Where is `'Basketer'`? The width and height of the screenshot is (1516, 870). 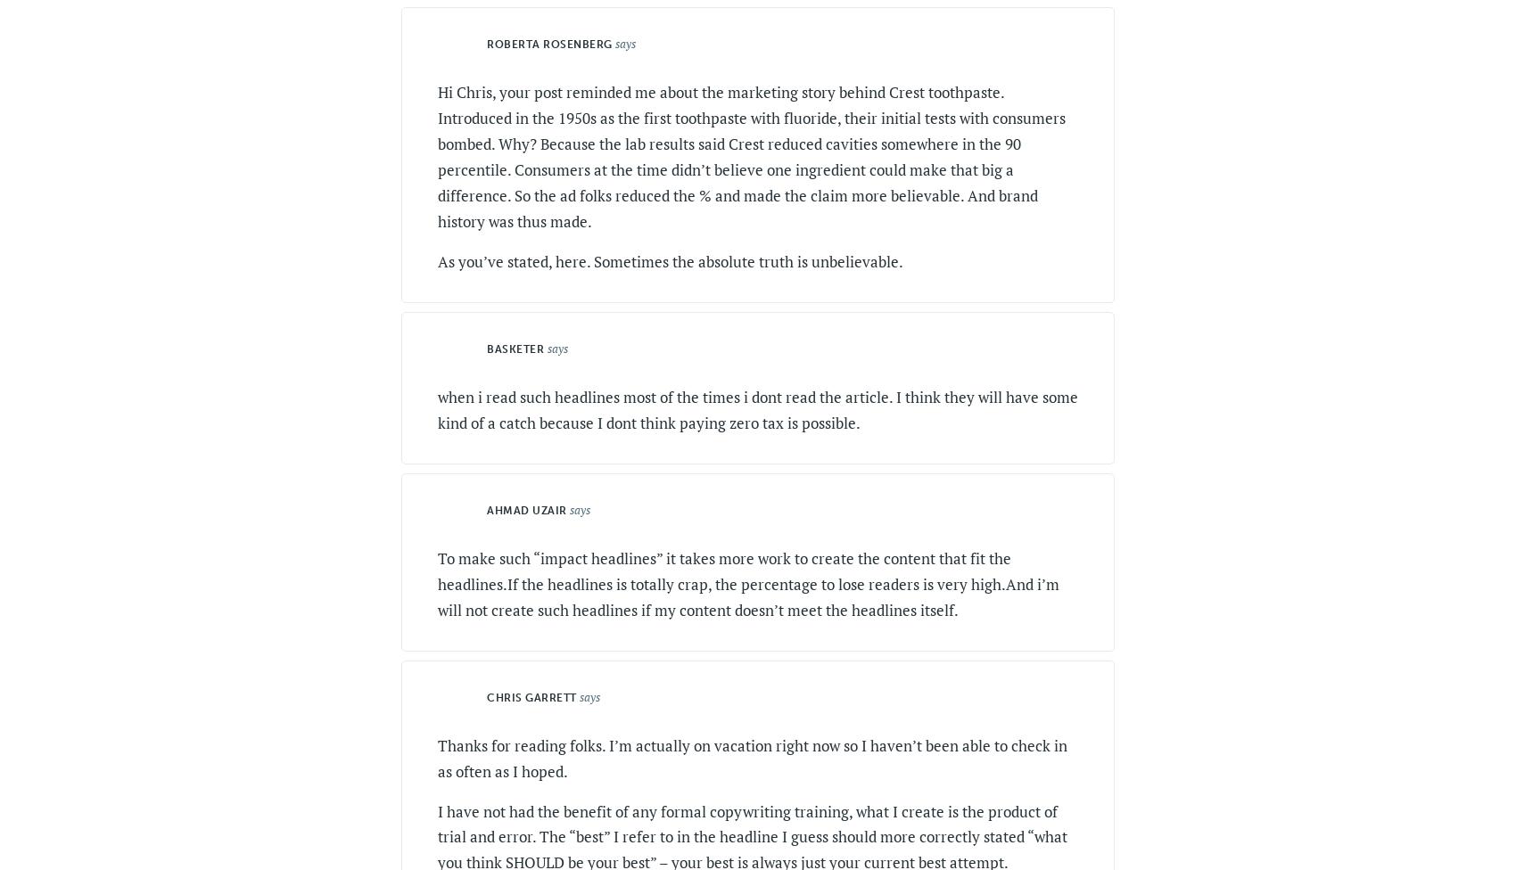
'Basketer' is located at coordinates (515, 347).